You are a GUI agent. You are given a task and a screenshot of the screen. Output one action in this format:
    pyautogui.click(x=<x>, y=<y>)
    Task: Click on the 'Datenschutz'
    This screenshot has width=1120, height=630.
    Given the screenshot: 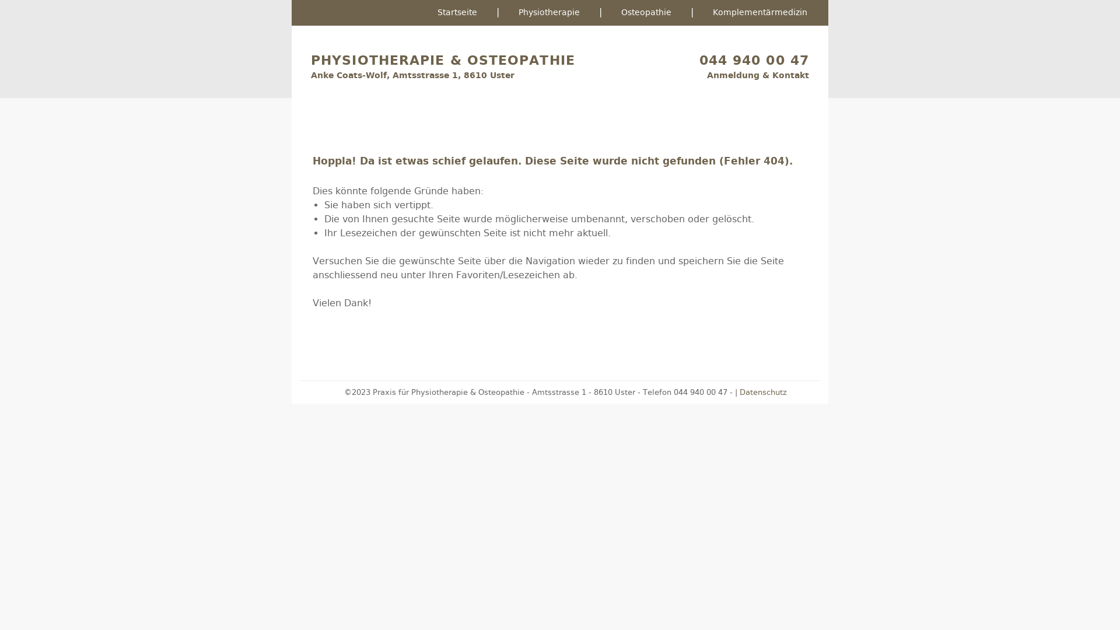 What is the action you would take?
    pyautogui.click(x=738, y=392)
    